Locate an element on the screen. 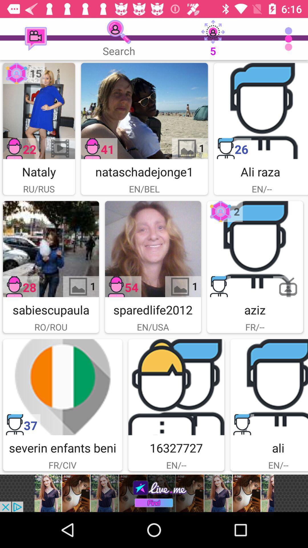 The image size is (308, 548). image open option is located at coordinates (50, 249).